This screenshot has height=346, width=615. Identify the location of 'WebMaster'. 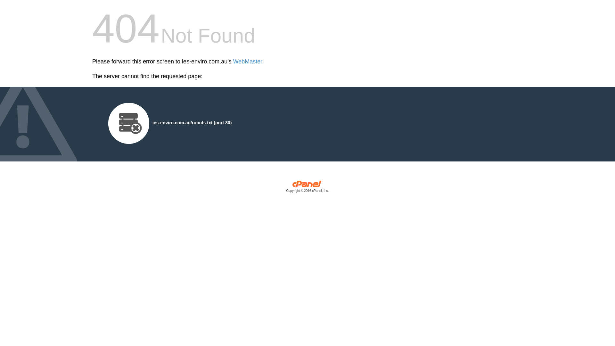
(247, 62).